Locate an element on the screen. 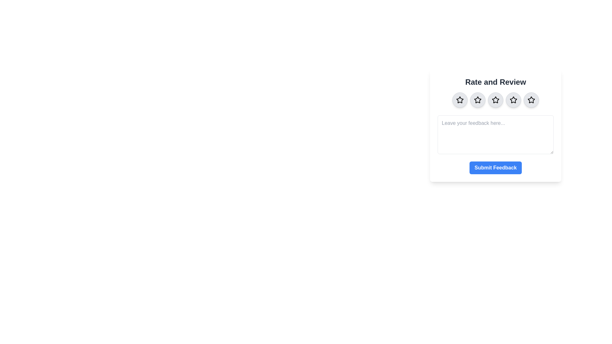 The height and width of the screenshot is (344, 612). the 'Rate and Review' heading, which is a bold, large, dark gray text located at the top of a card-like component with rounded corners is located at coordinates (495, 82).